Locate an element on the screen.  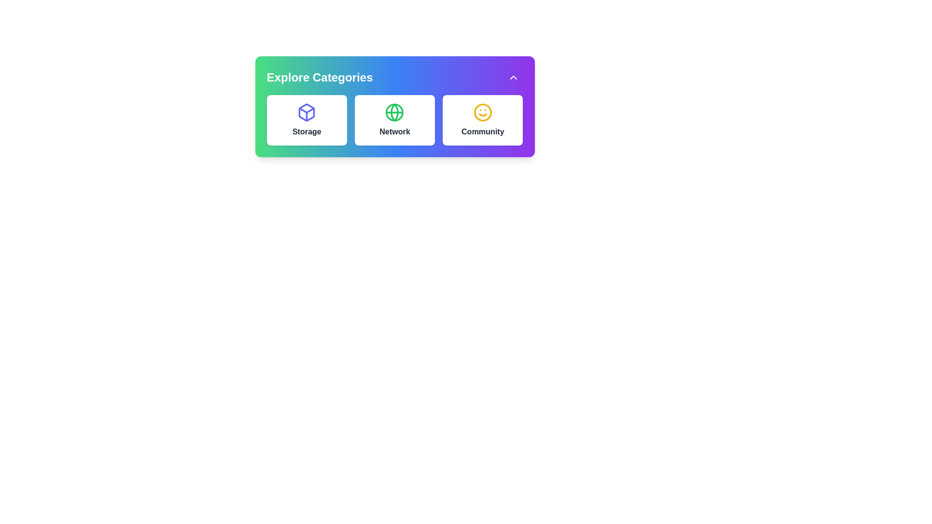
the smiley face icon with a yellow outline located in the fourth button area of the 'Explore Categories' card is located at coordinates (483, 112).